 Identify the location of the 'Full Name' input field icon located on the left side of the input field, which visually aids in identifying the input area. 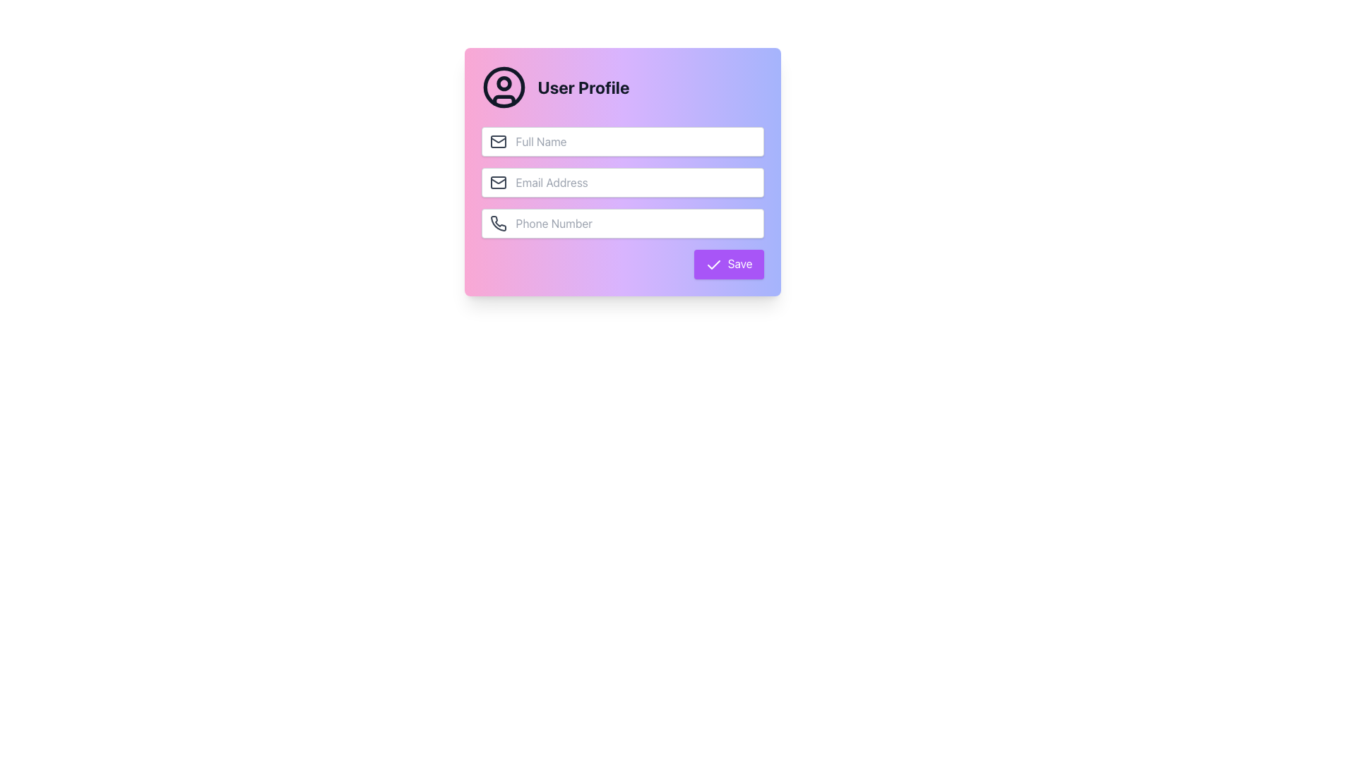
(498, 141).